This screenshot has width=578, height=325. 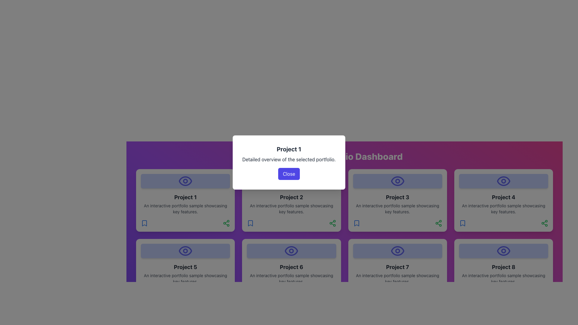 I want to click on the text block displaying the message 'An interactive portfolio sample showcasing key features.' which is styled with a small font size and gray color, located below the title 'Project 1', so click(x=185, y=209).